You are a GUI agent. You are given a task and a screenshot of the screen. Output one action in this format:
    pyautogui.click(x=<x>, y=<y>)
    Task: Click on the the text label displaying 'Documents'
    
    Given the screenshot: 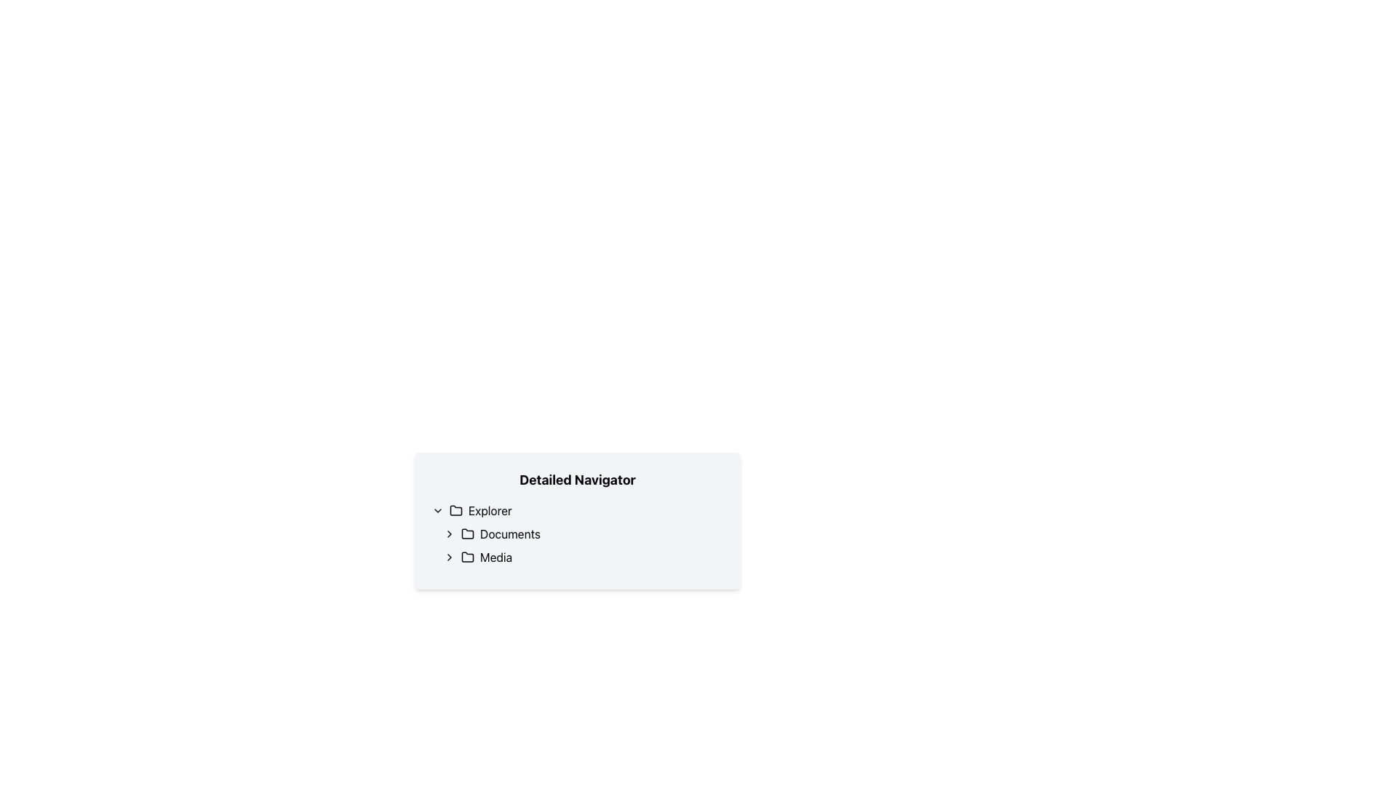 What is the action you would take?
    pyautogui.click(x=510, y=533)
    